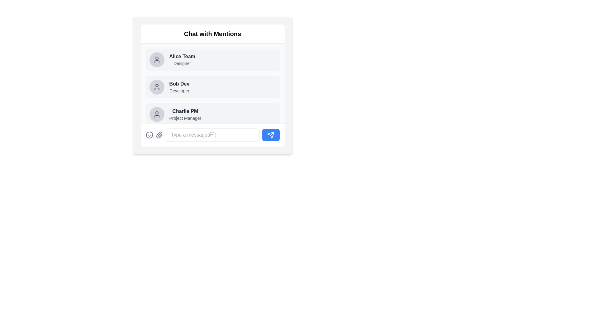 The image size is (598, 336). I want to click on text label displaying the role 'Designer' located below the name 'Alice Team' in the chat user list, so click(182, 63).